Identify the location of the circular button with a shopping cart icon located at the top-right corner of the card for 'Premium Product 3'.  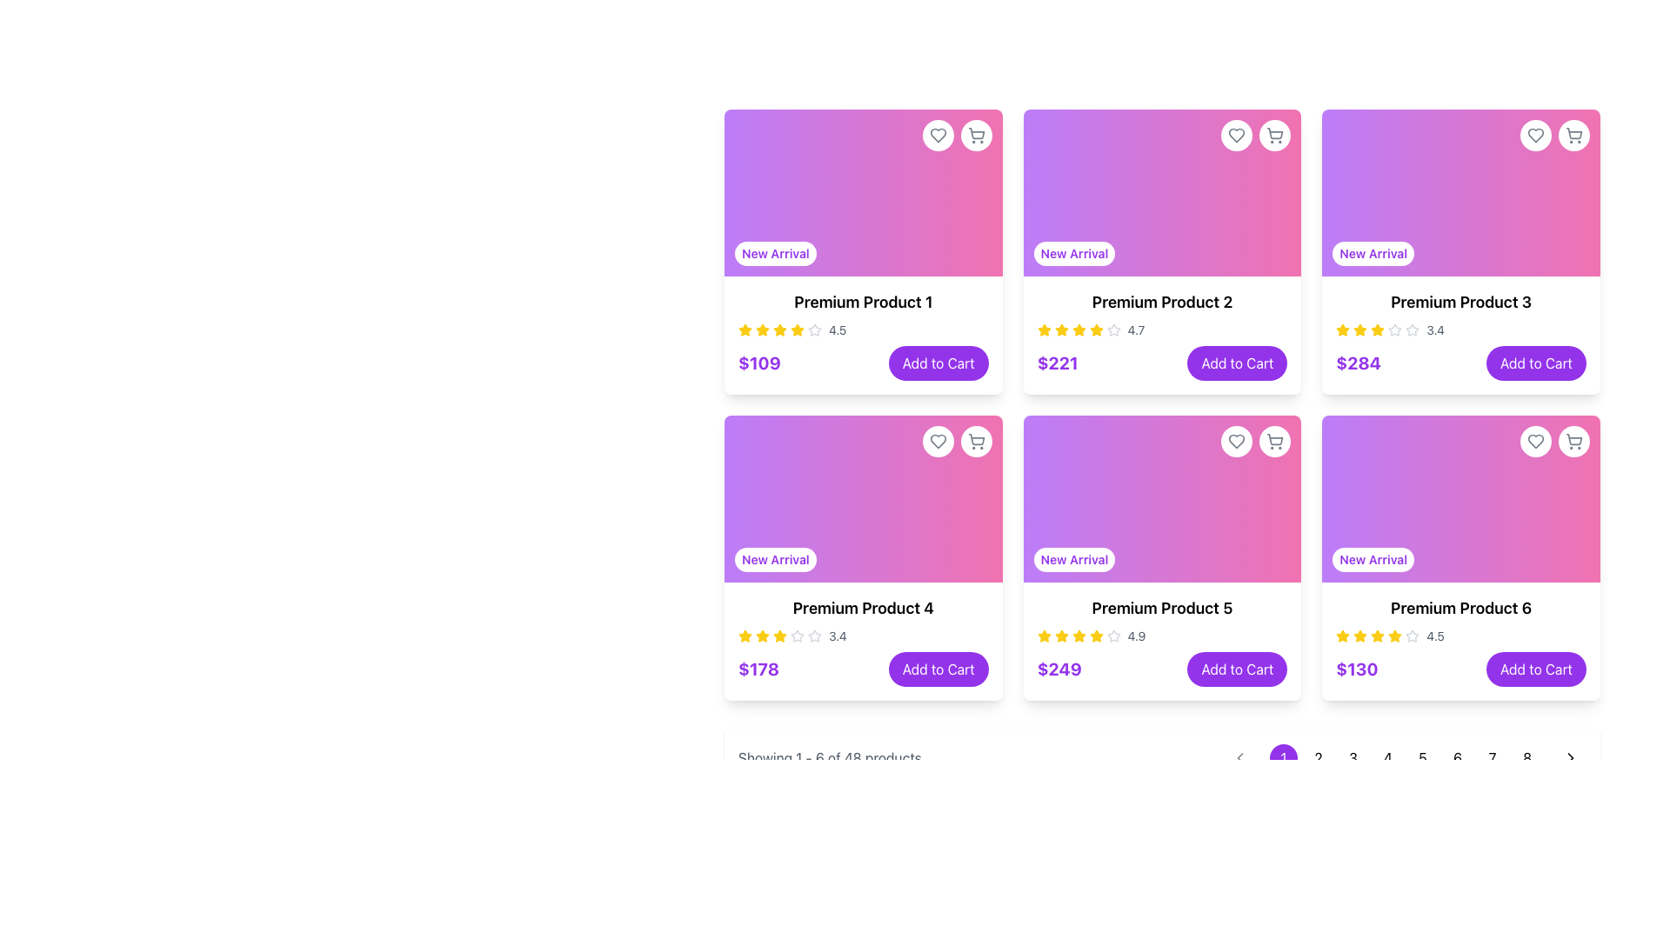
(1573, 134).